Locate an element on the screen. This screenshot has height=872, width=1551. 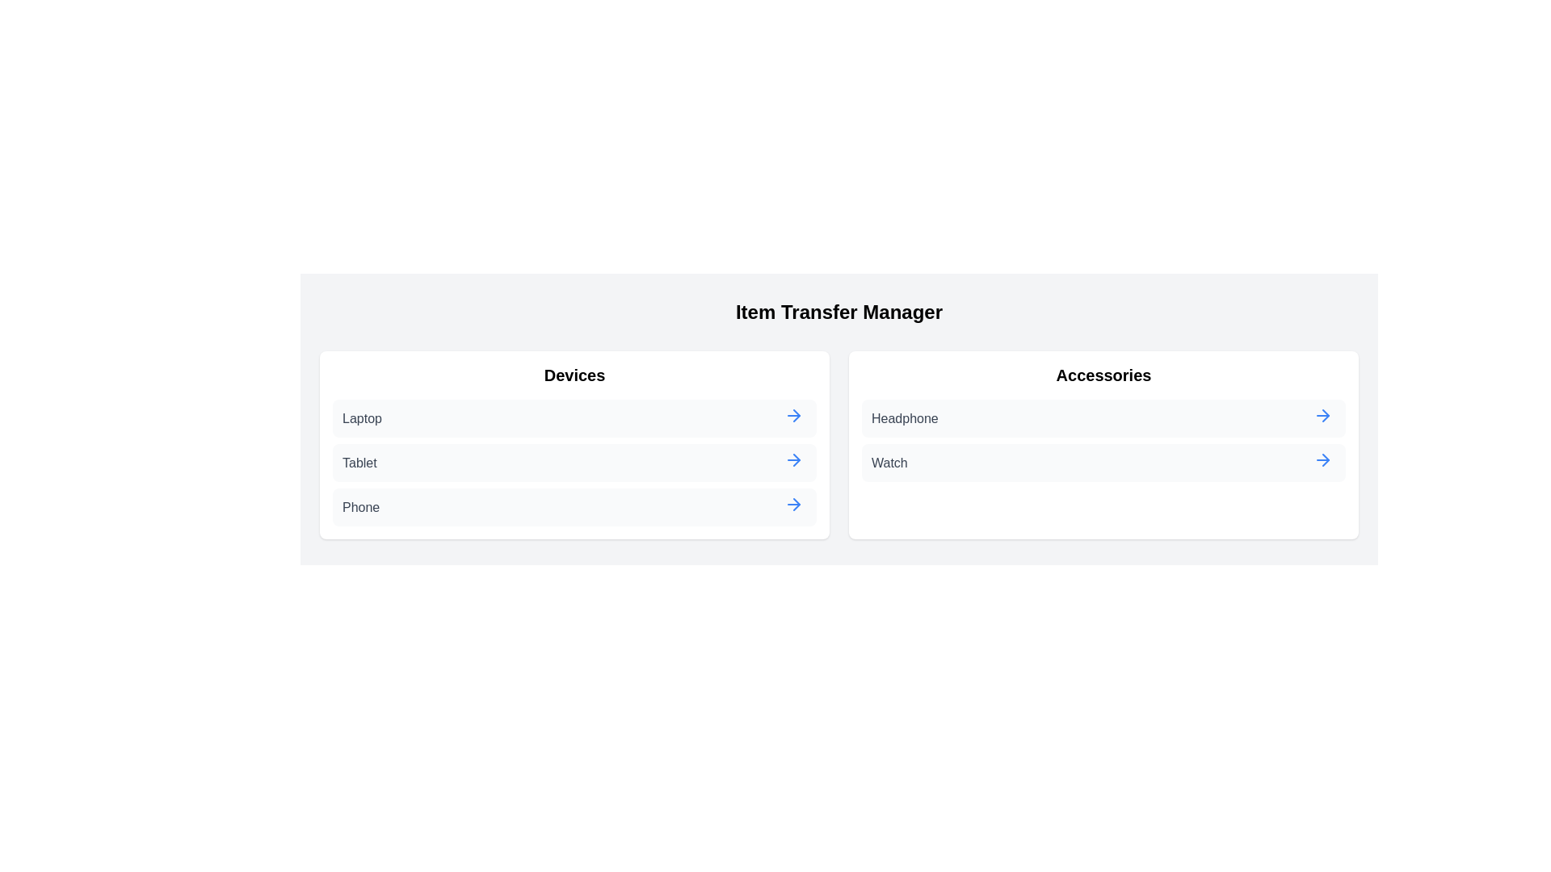
the category title 'Devices' for inspection is located at coordinates (574, 375).